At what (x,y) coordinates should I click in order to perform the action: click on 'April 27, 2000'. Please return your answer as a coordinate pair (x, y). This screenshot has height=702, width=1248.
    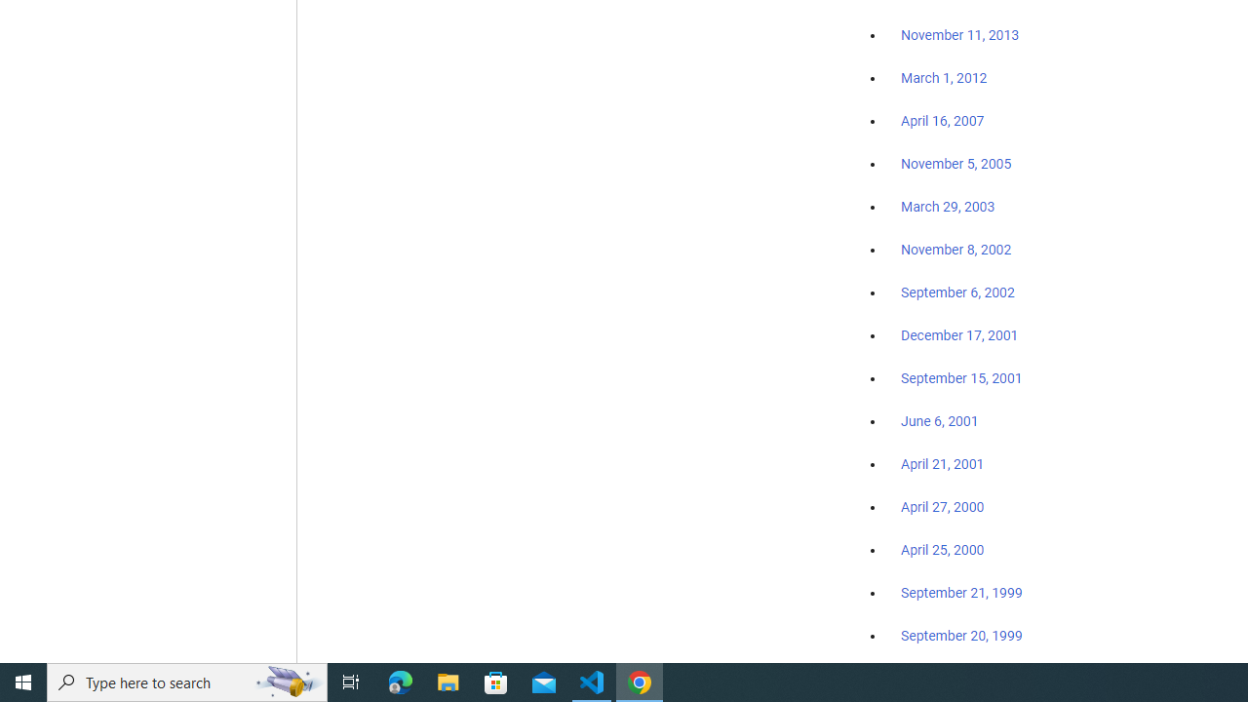
    Looking at the image, I should click on (943, 506).